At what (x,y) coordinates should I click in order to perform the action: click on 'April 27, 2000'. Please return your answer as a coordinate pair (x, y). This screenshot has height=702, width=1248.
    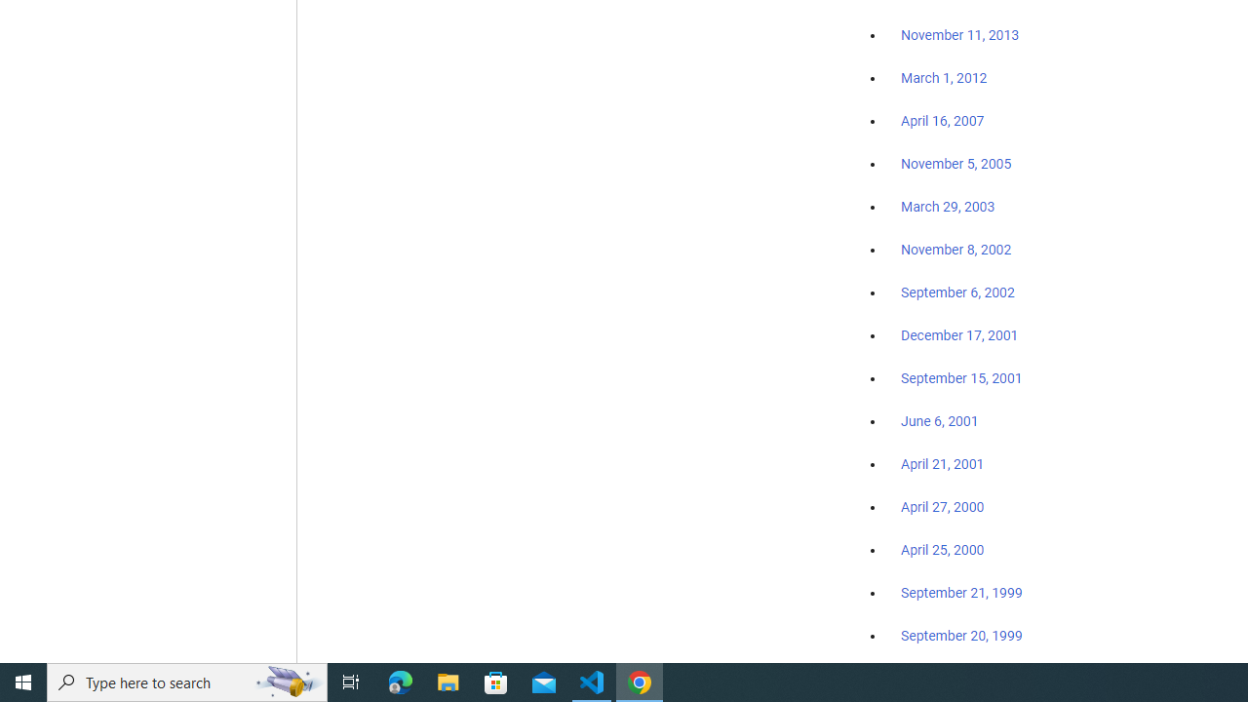
    Looking at the image, I should click on (943, 506).